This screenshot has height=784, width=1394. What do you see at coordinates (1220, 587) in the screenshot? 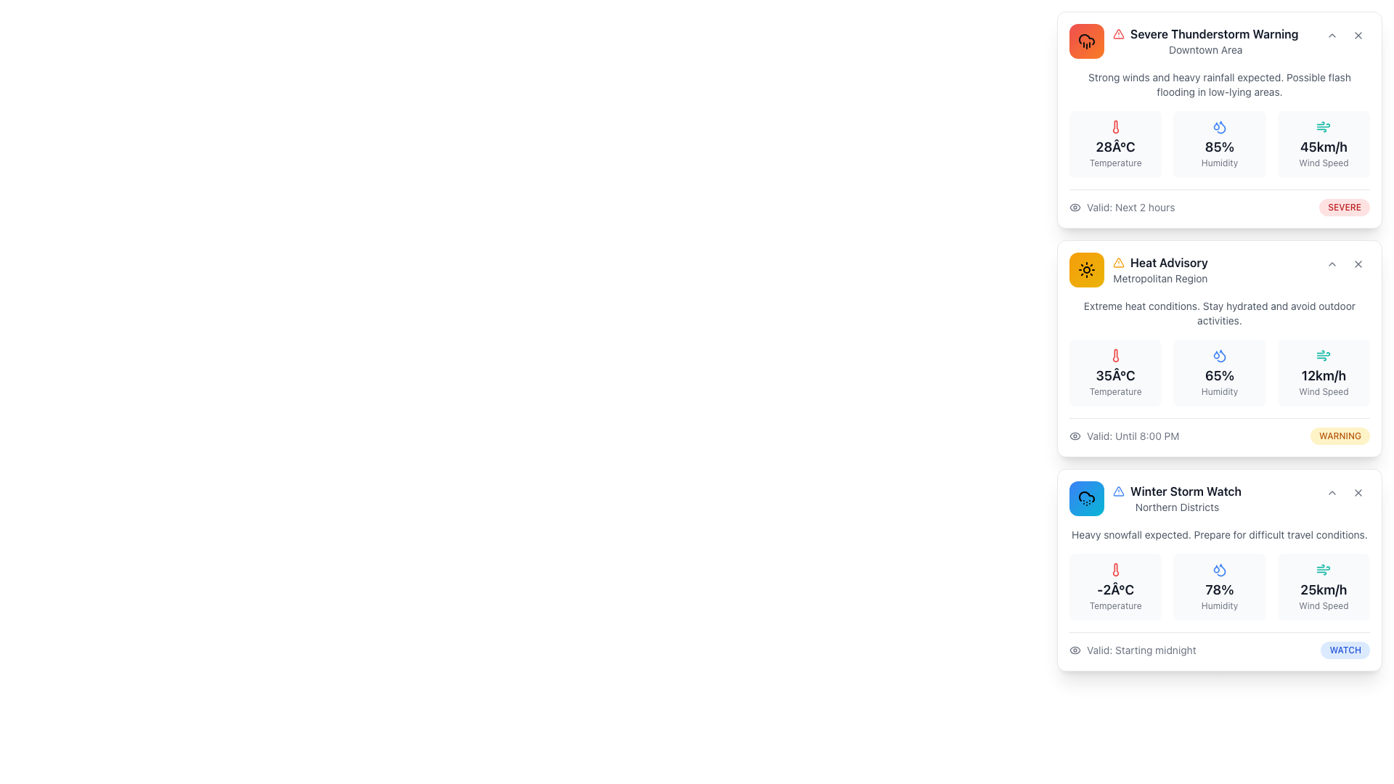
I see `humidity value displayed in the weather information card segment, which shows '78%' and is located at the bottom-right section of the panel` at bounding box center [1220, 587].